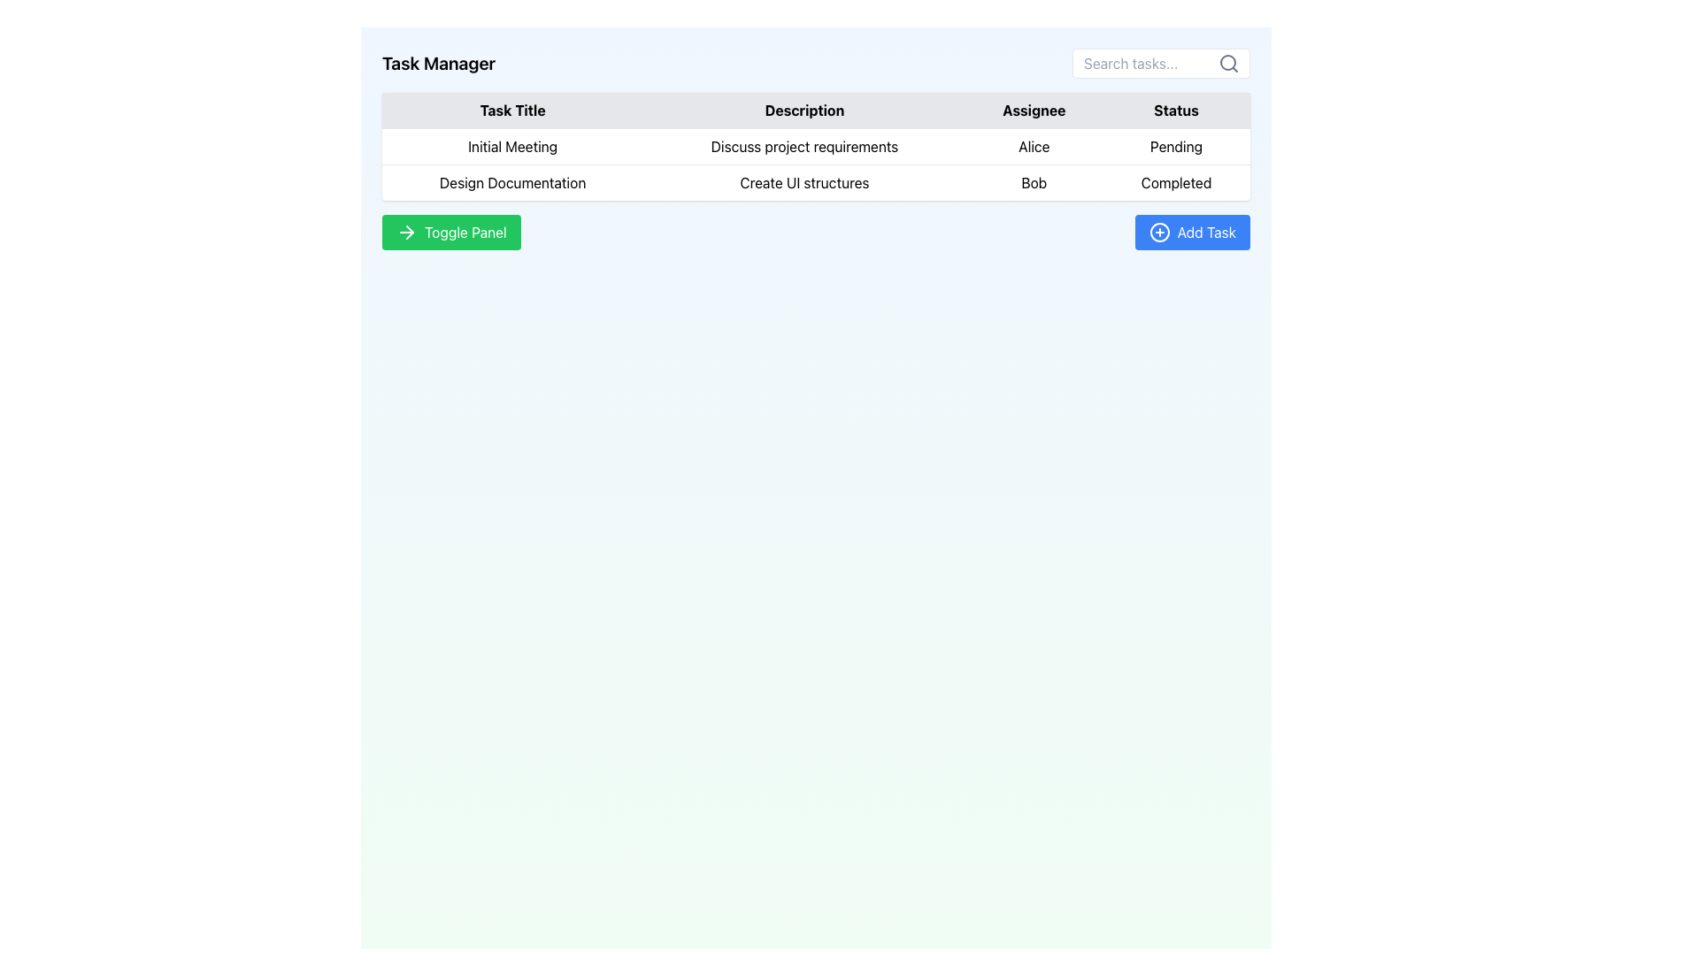  I want to click on the first row of the task management table, so click(815, 145).